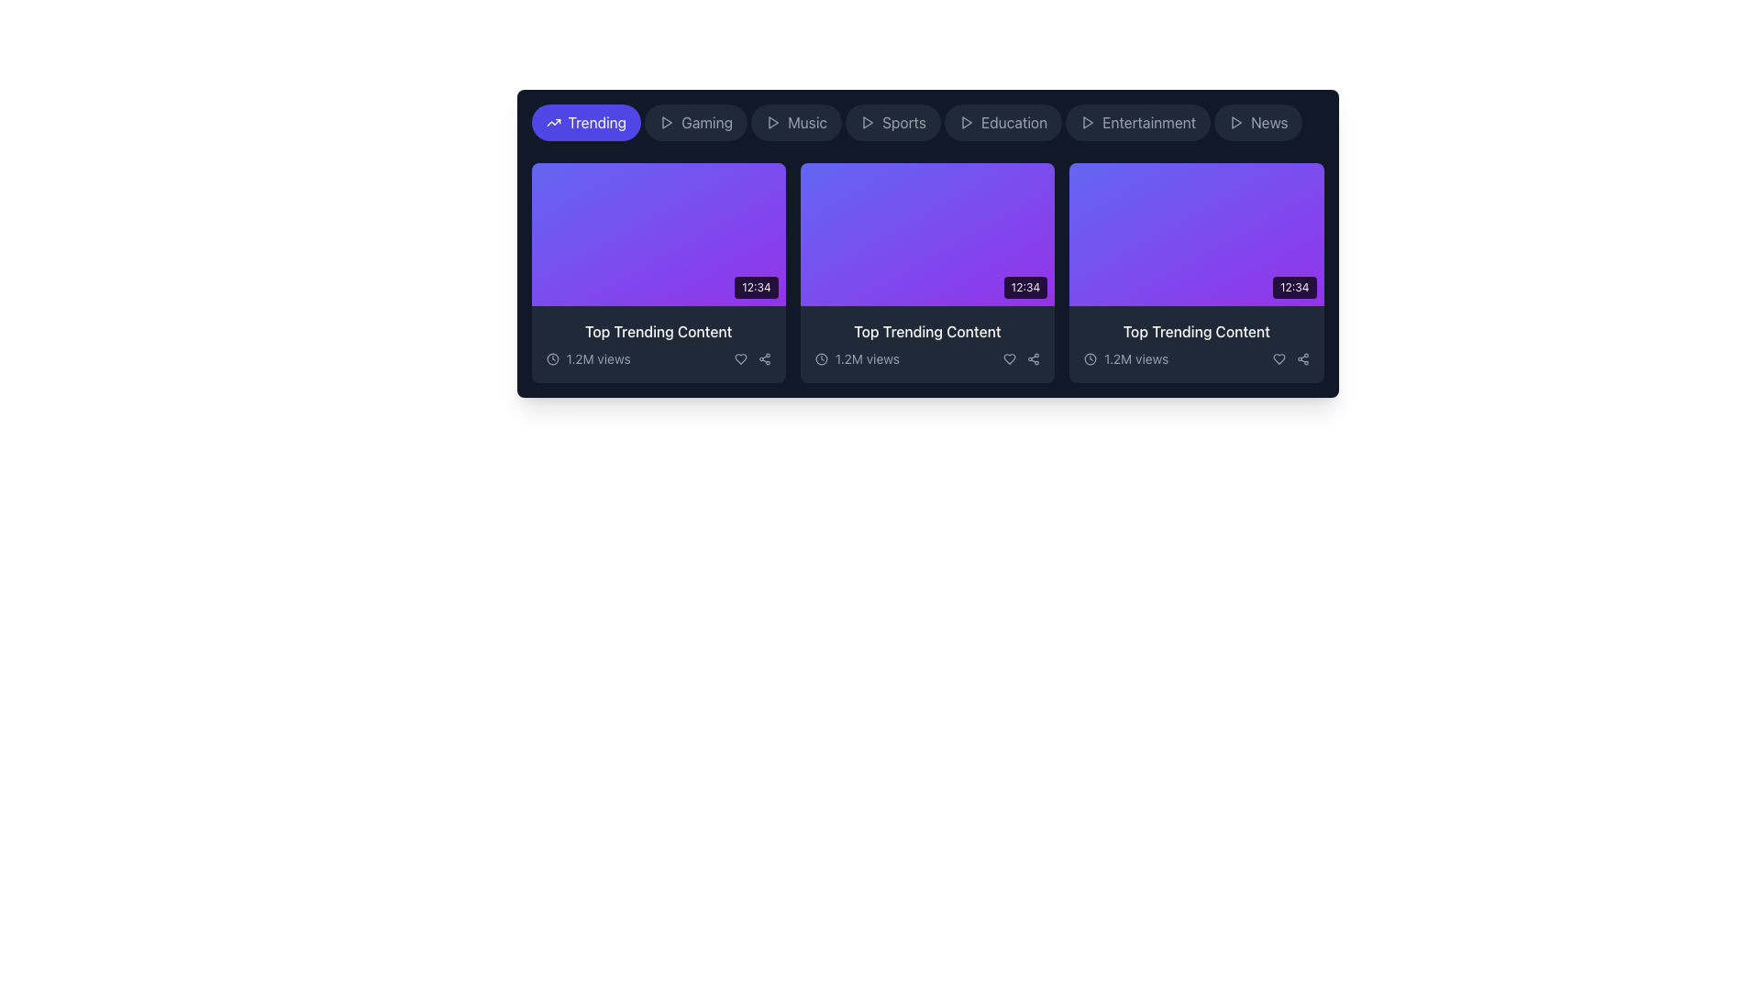 The image size is (1761, 990). Describe the element at coordinates (893, 123) in the screenshot. I see `the oval-shaped 'Sports' button with a play icon` at that location.